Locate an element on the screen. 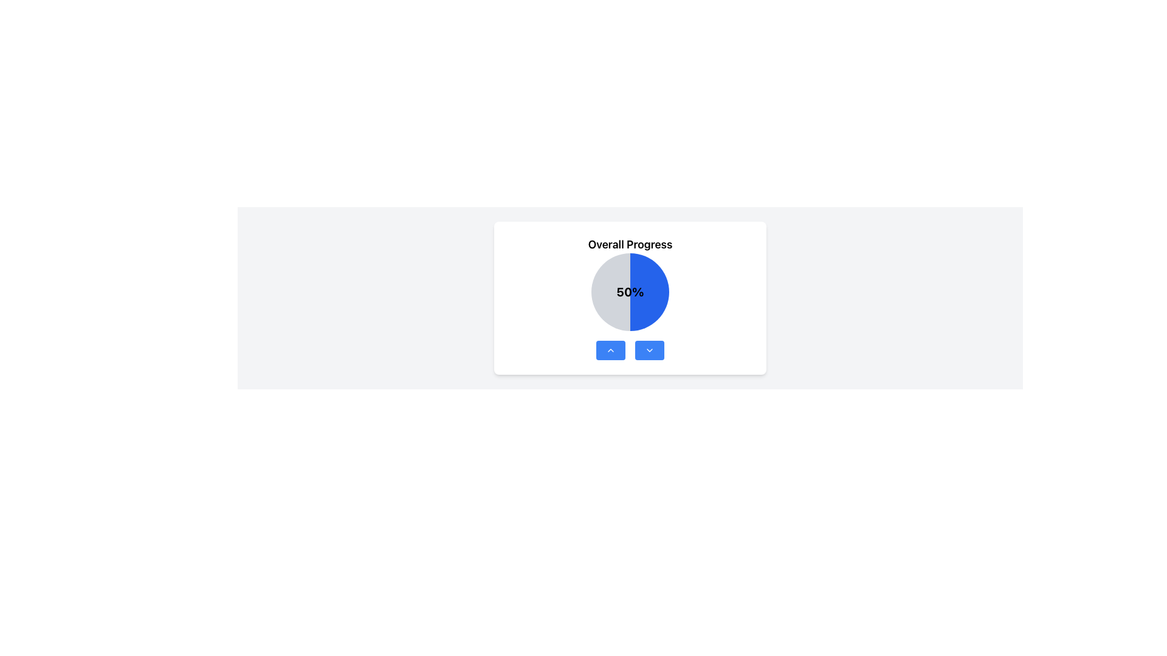 The height and width of the screenshot is (656, 1167). the downward button in the button group below the 'Overall Progress' card to decrement the value is located at coordinates (630, 350).